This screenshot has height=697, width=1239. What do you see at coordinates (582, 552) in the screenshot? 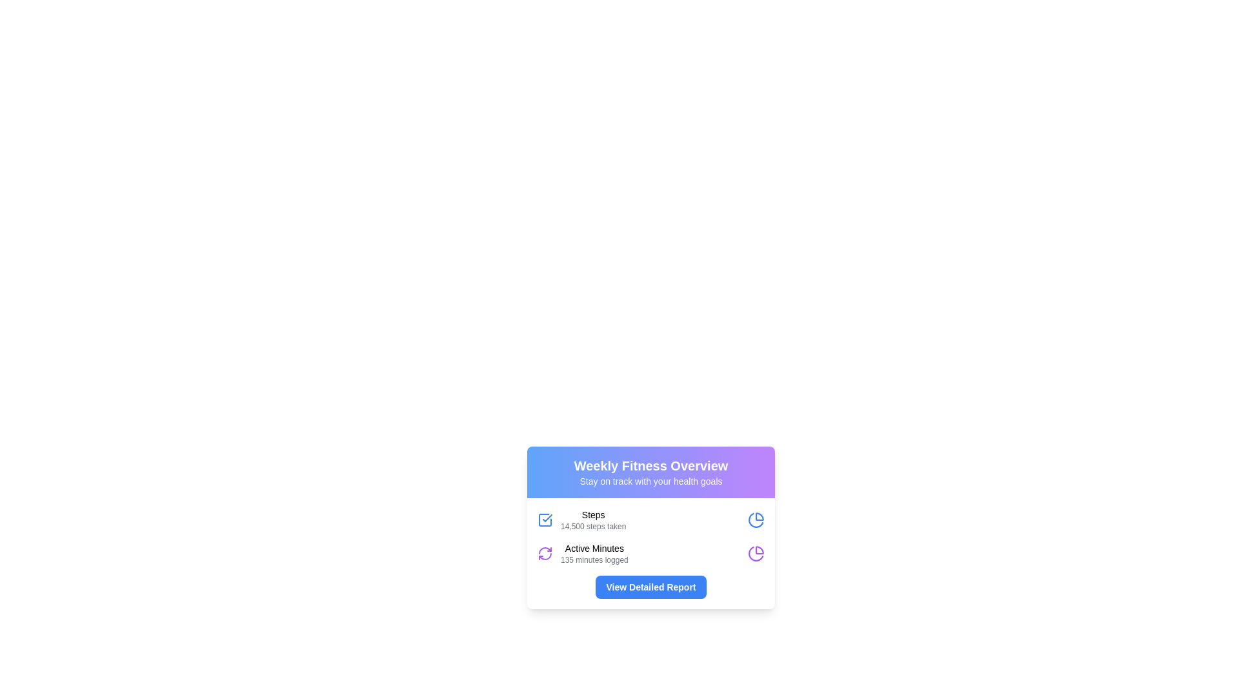
I see `the 'Active Minutes' display card element, which features a bold title and a circular purple arrow icon, located in the 'Weekly Fitness Overview' section` at bounding box center [582, 552].